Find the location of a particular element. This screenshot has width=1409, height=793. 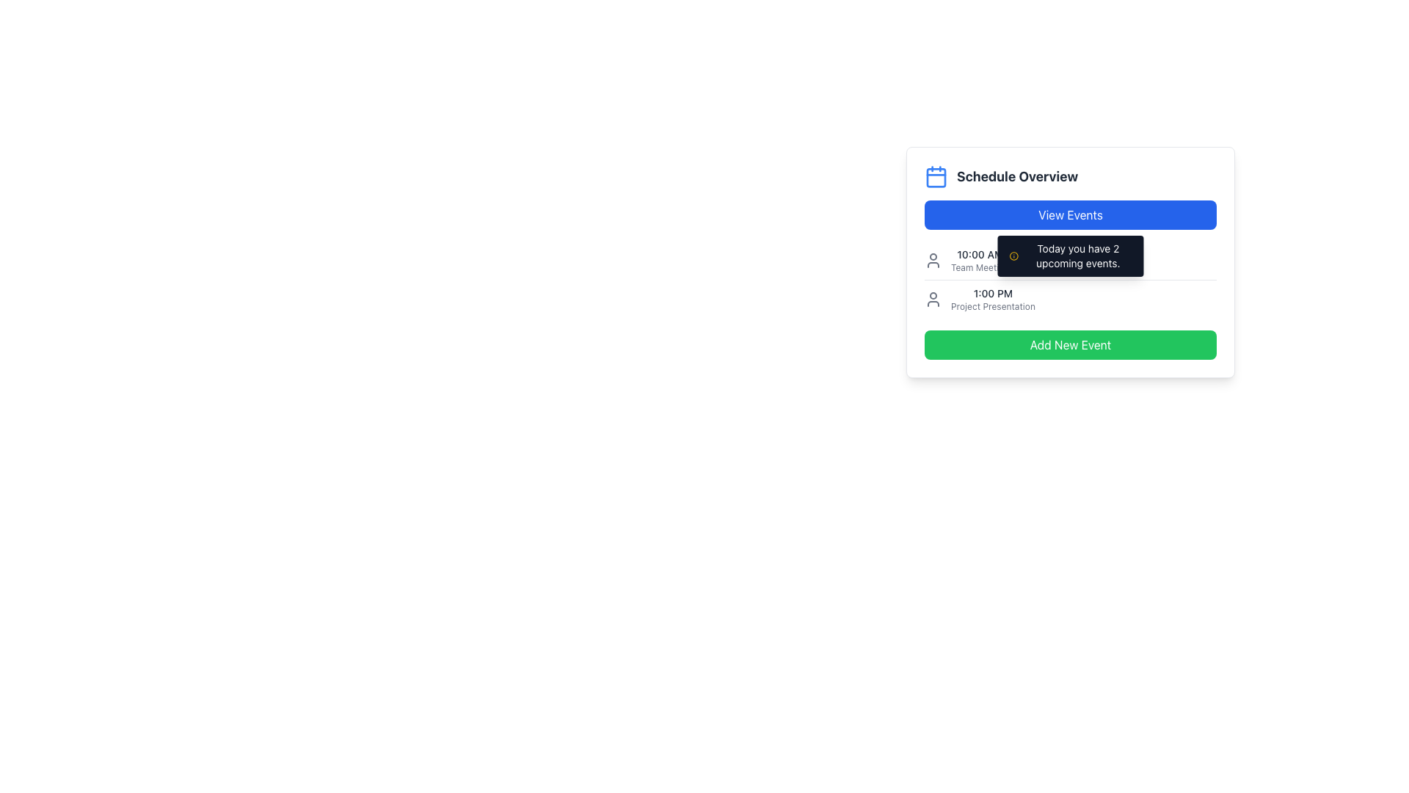

the icon representing the organizer or participant information for the '10:00 AM Team Meeting' event, located to the left of the event text is located at coordinates (933, 259).